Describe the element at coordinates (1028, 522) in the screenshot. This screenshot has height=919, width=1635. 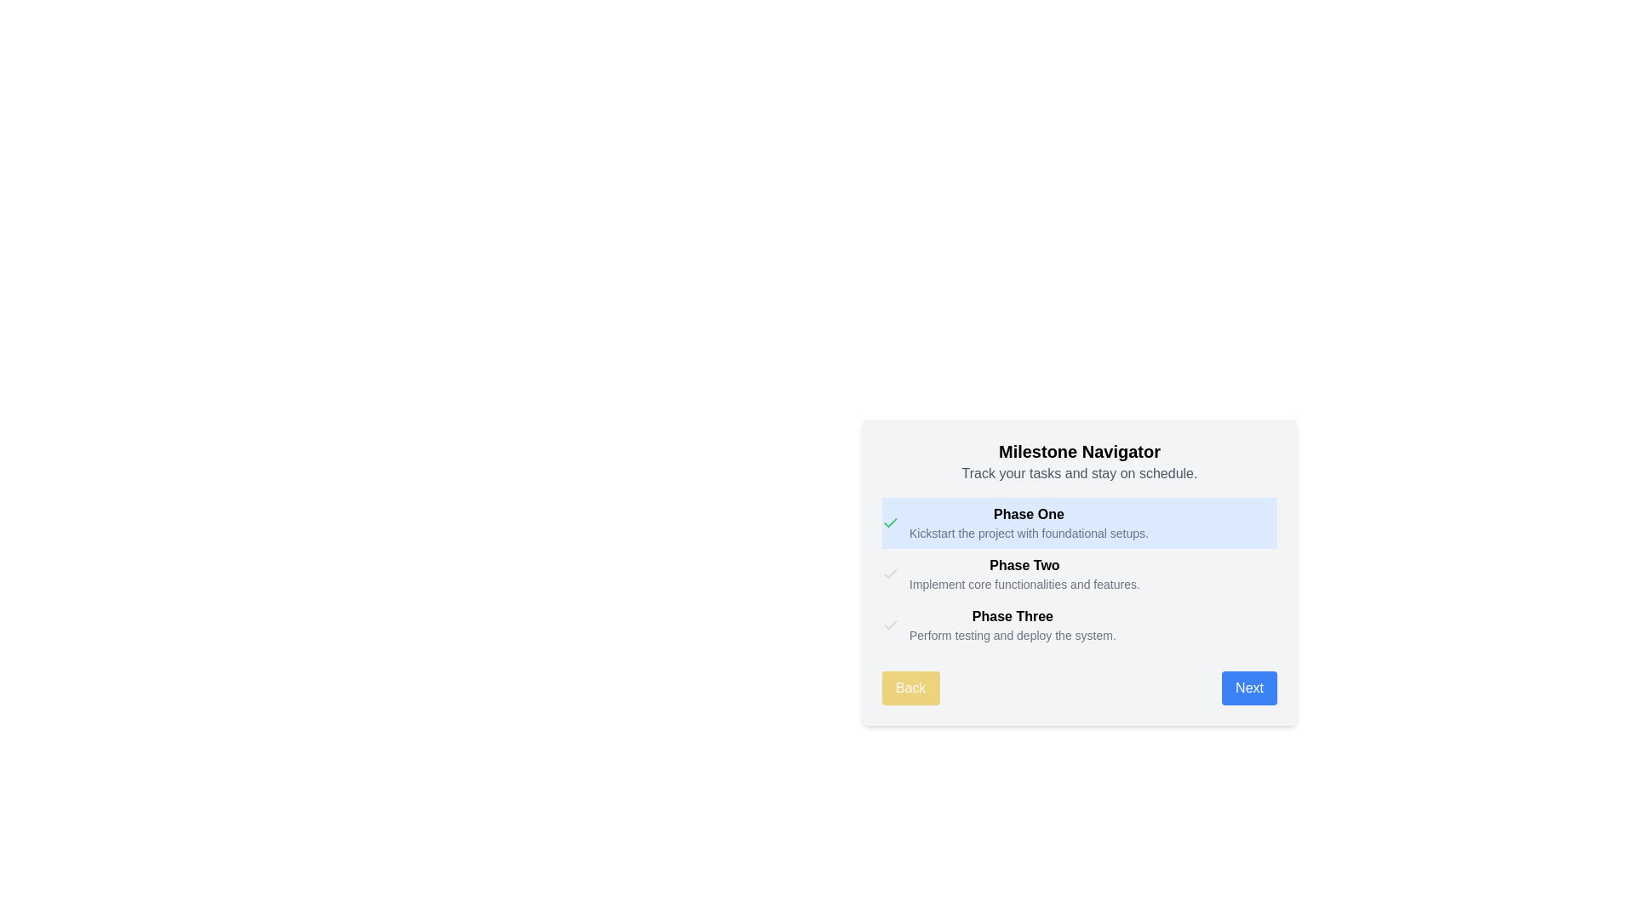
I see `the Static Text Block labeled 'Phase One' which displays the message 'Kickstart the project with foundational setups.'` at that location.